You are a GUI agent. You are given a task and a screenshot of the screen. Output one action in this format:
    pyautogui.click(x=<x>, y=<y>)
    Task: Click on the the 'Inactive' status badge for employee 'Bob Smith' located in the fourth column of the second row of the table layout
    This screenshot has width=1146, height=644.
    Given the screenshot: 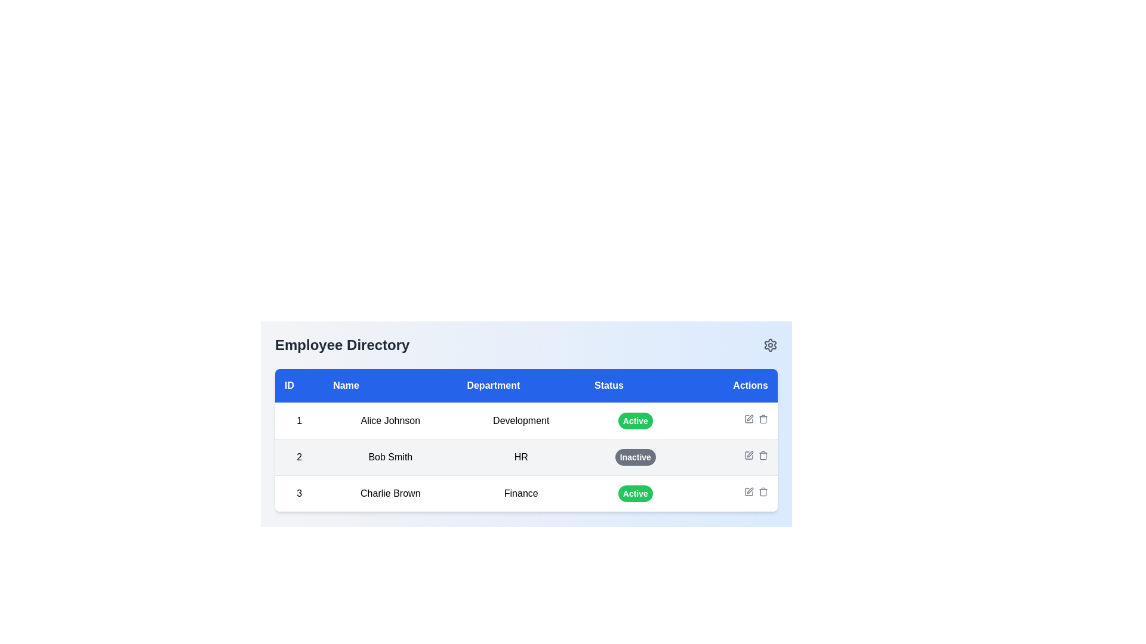 What is the action you would take?
    pyautogui.click(x=634, y=457)
    